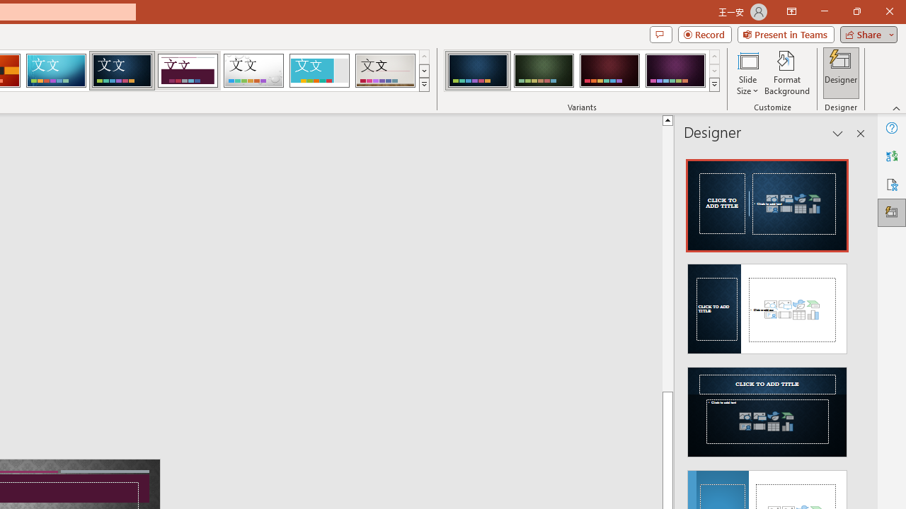 This screenshot has width=906, height=509. Describe the element at coordinates (423, 85) in the screenshot. I see `'Themes'` at that location.